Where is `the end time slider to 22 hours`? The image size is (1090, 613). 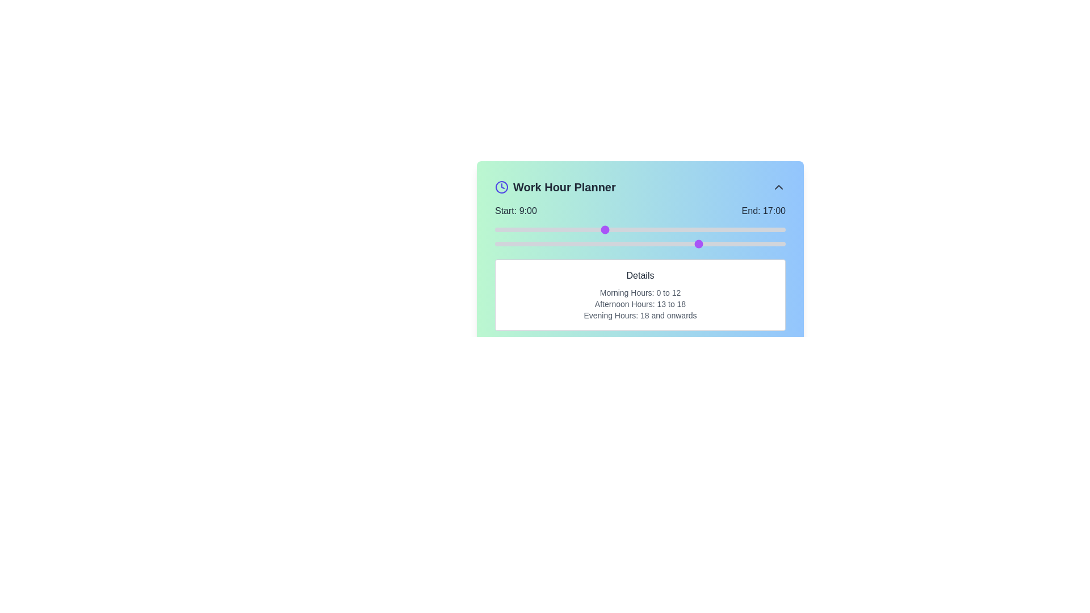 the end time slider to 22 hours is located at coordinates (761, 243).